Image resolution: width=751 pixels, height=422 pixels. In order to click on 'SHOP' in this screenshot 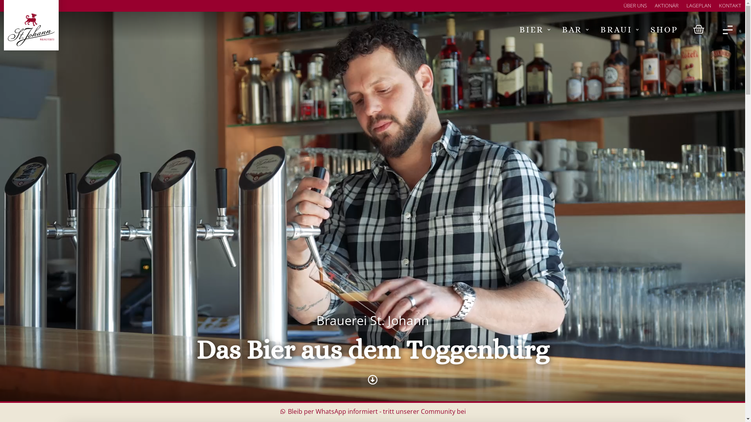, I will do `click(664, 29)`.